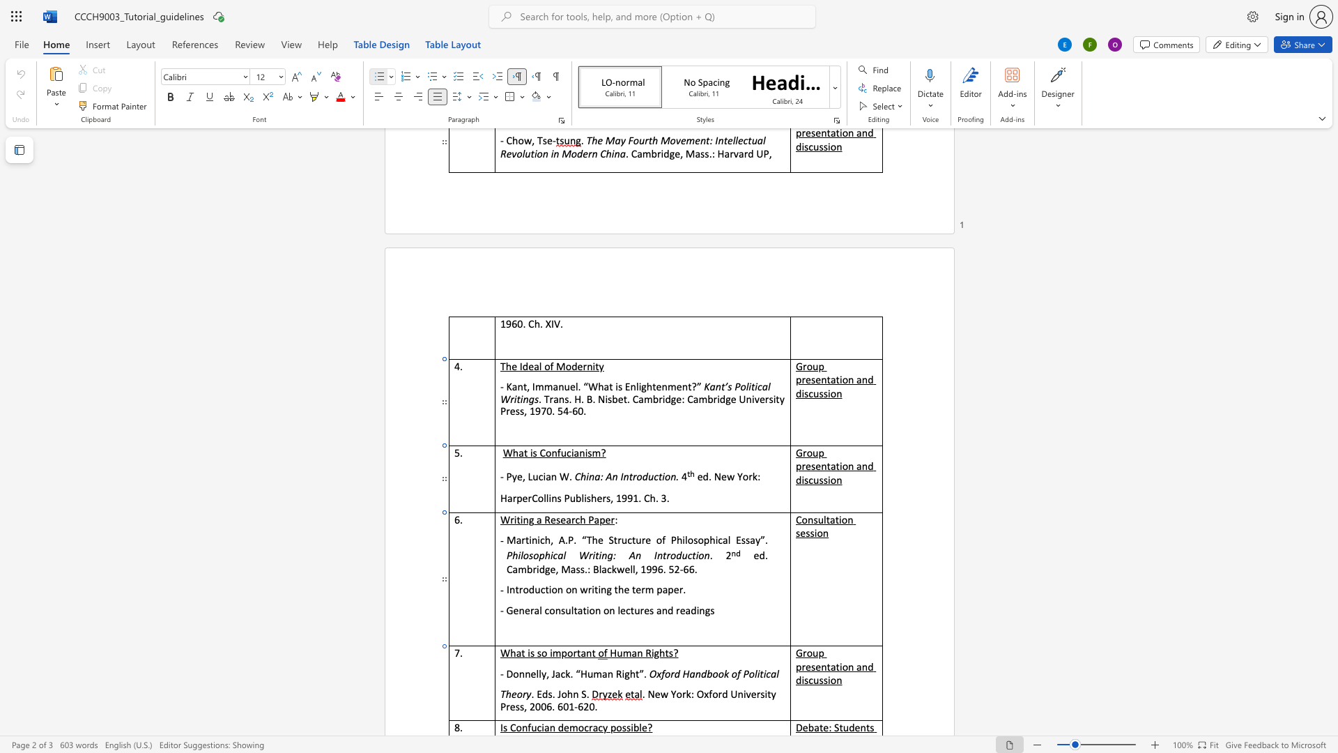 This screenshot has height=753, width=1338. I want to click on the space between the continuous character "n" and "t" in the text, so click(514, 589).